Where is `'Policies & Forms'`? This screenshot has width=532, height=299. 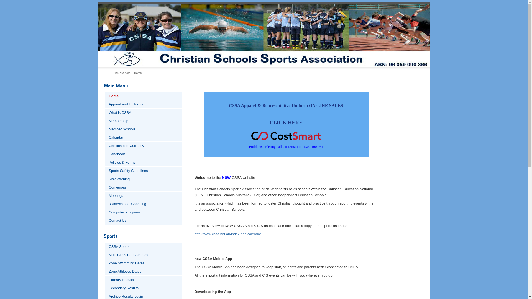
'Policies & Forms' is located at coordinates (105, 162).